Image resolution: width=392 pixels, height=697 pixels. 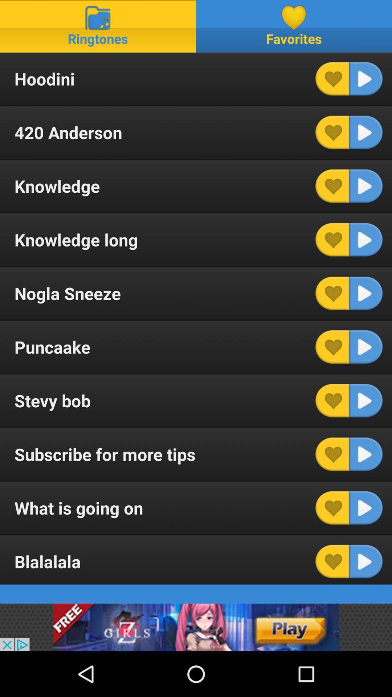 What do you see at coordinates (332, 454) in the screenshot?
I see `love this section` at bounding box center [332, 454].